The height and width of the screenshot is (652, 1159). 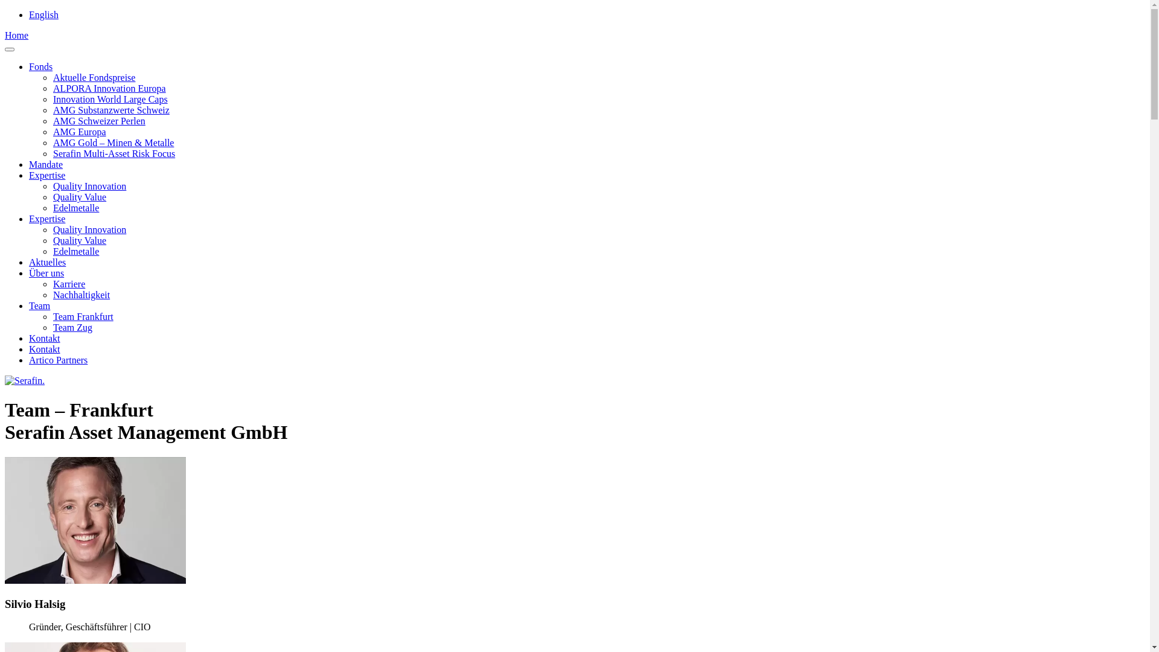 What do you see at coordinates (68, 284) in the screenshot?
I see `'Karriere'` at bounding box center [68, 284].